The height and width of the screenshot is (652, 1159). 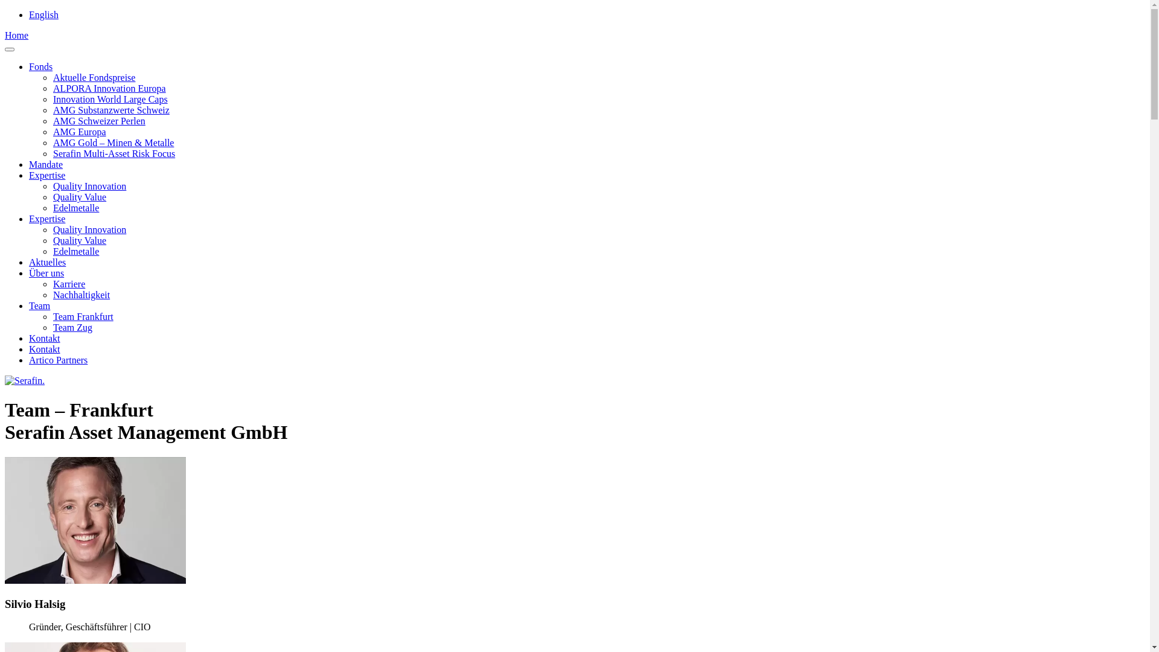 What do you see at coordinates (68, 284) in the screenshot?
I see `'Karriere'` at bounding box center [68, 284].